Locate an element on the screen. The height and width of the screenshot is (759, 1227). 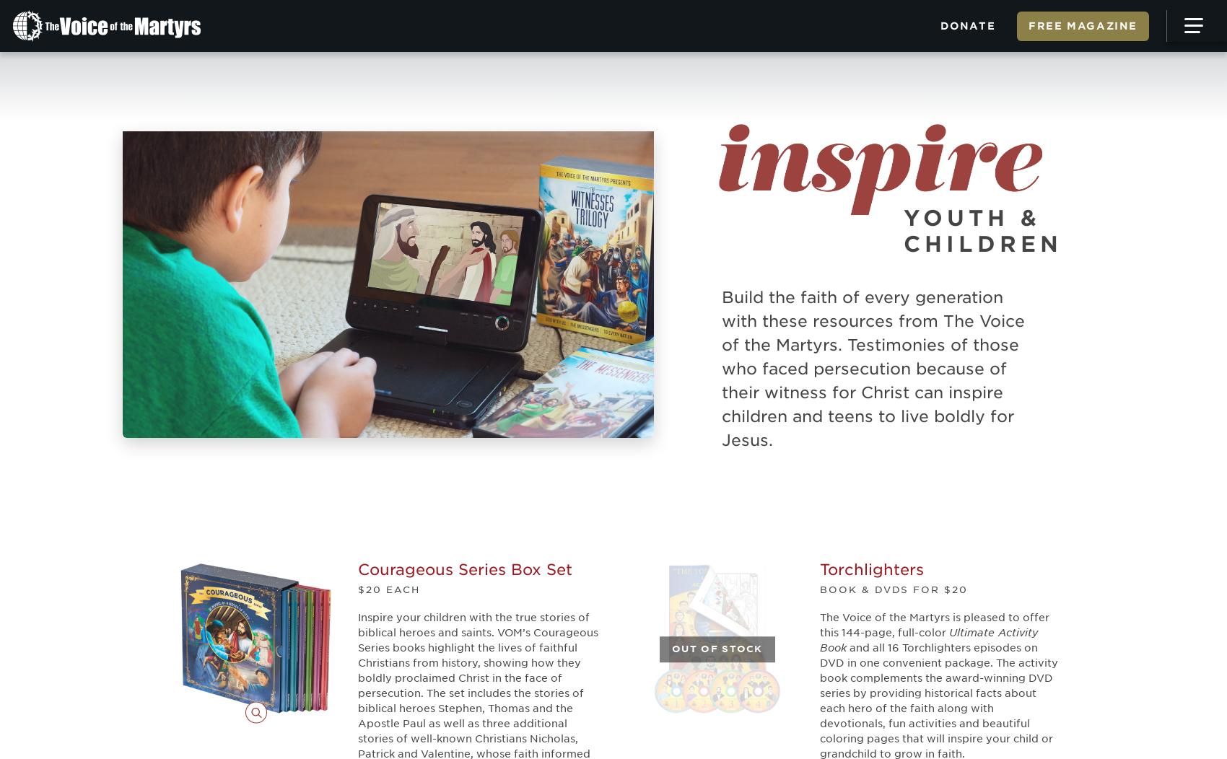
'Youth & Children' is located at coordinates (983, 230).